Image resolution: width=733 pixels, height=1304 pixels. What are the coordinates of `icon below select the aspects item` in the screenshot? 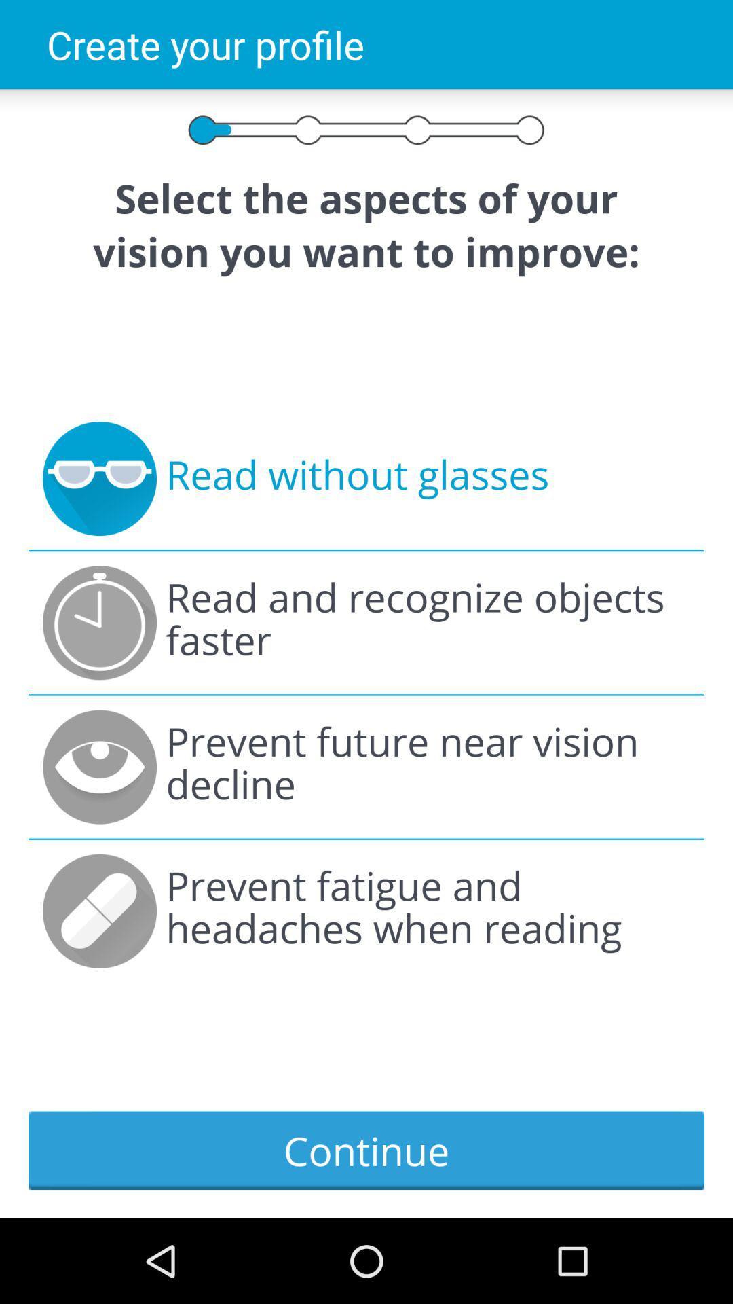 It's located at (356, 479).